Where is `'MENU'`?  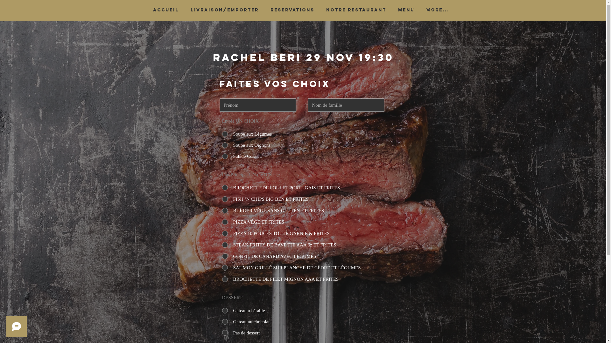 'MENU' is located at coordinates (406, 10).